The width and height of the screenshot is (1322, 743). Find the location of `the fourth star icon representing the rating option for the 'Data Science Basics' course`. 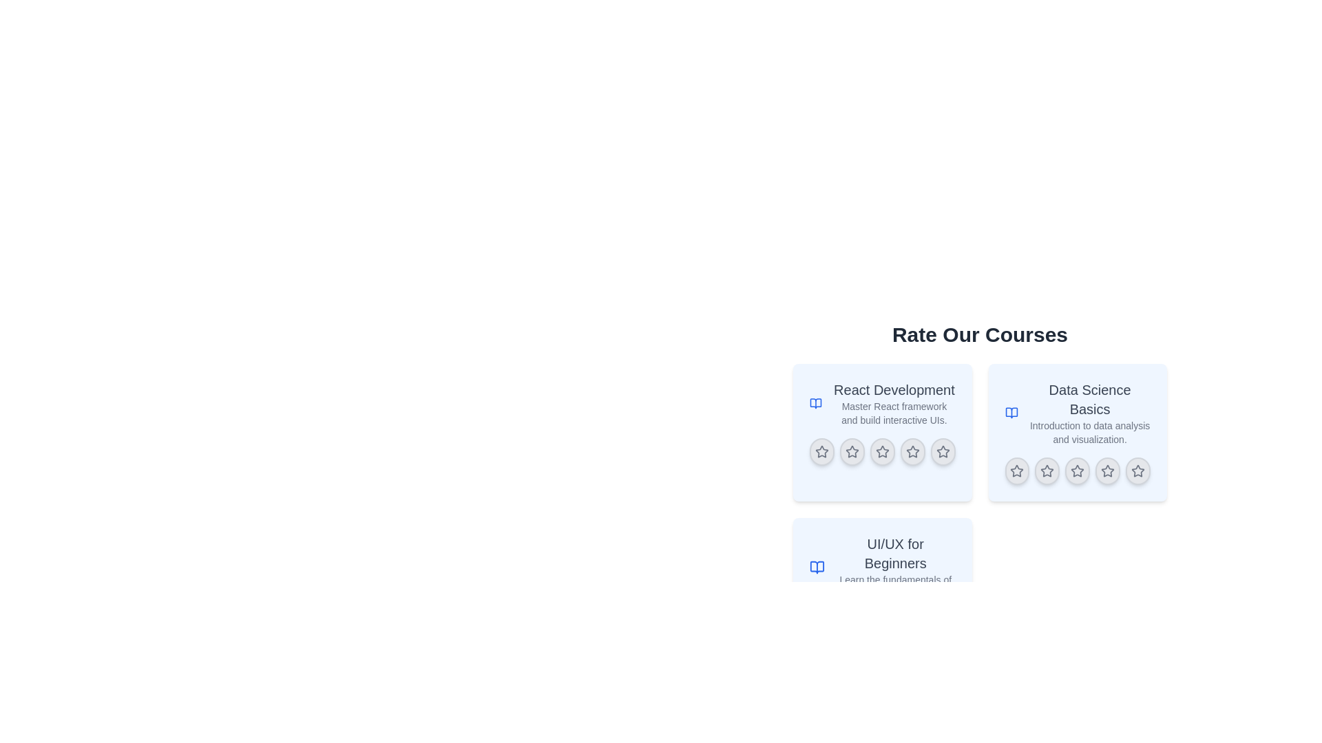

the fourth star icon representing the rating option for the 'Data Science Basics' course is located at coordinates (1077, 470).